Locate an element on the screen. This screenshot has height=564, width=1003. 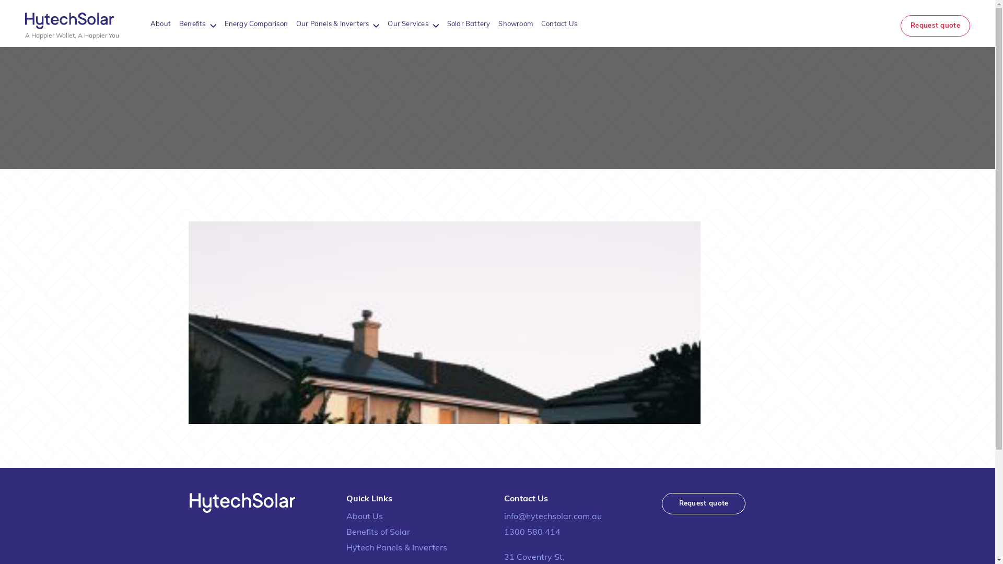
'About' is located at coordinates (160, 23).